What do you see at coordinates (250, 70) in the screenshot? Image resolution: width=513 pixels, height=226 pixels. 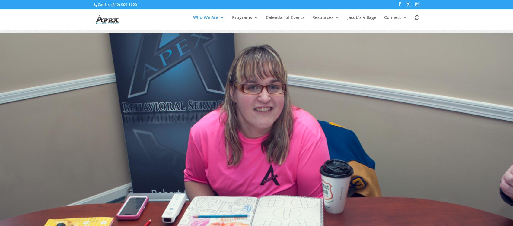 I see `'Music Therapy'` at bounding box center [250, 70].